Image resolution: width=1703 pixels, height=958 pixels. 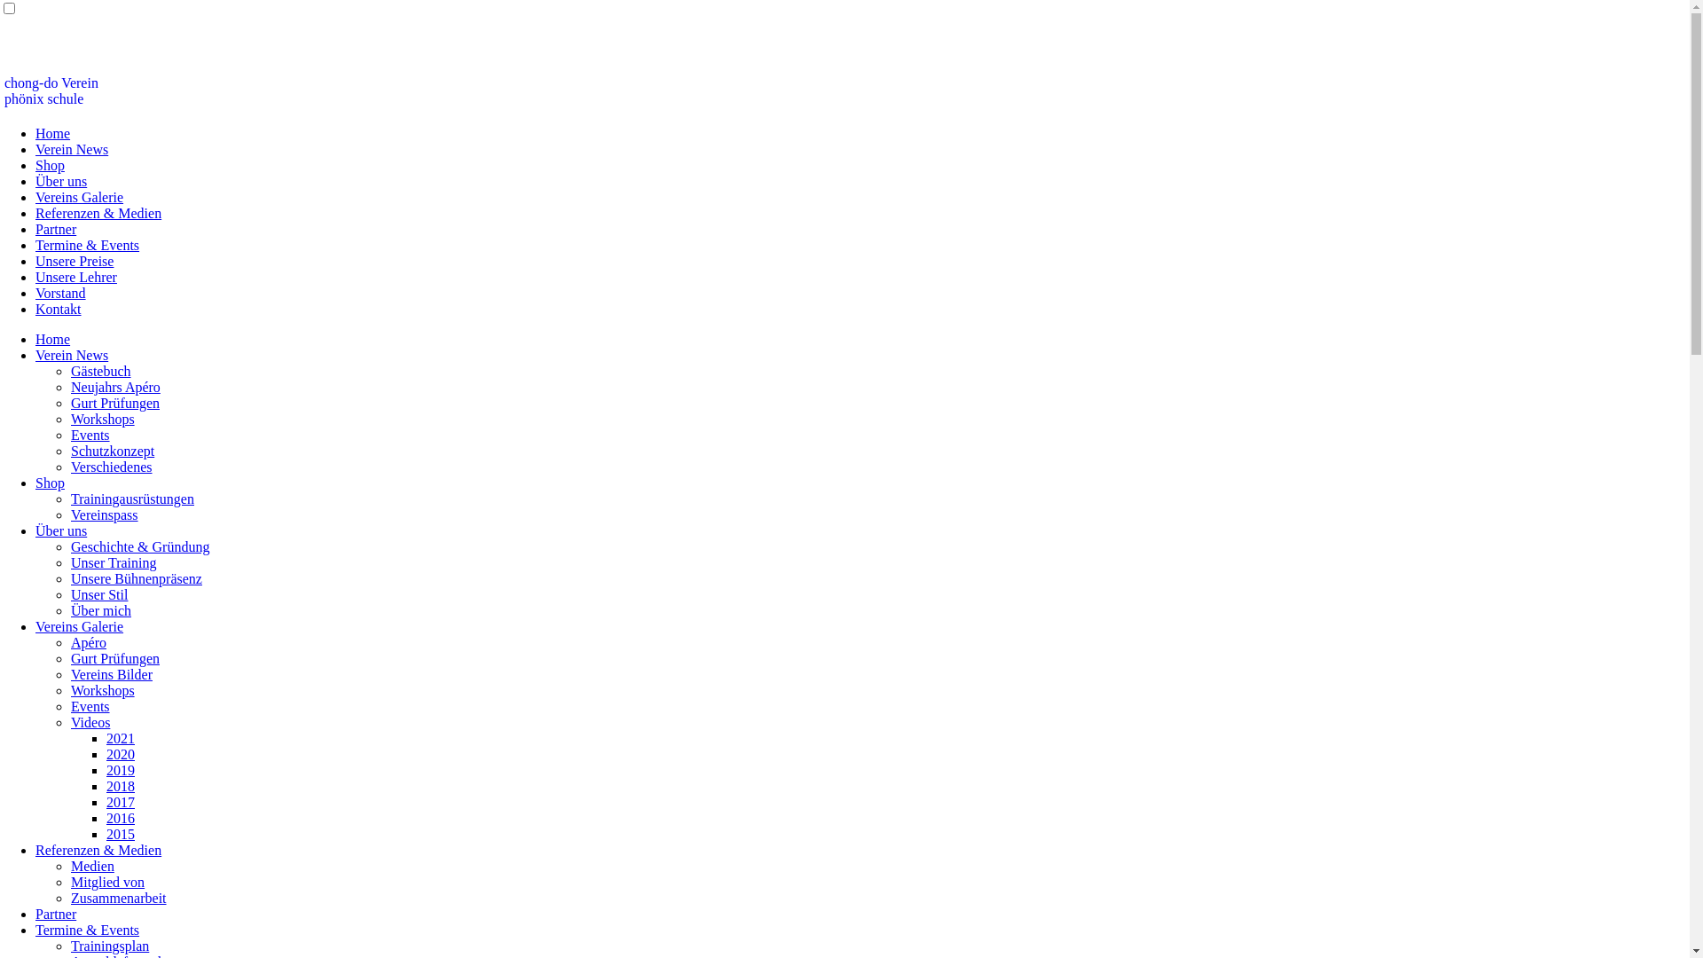 What do you see at coordinates (71, 705) in the screenshot?
I see `'Events'` at bounding box center [71, 705].